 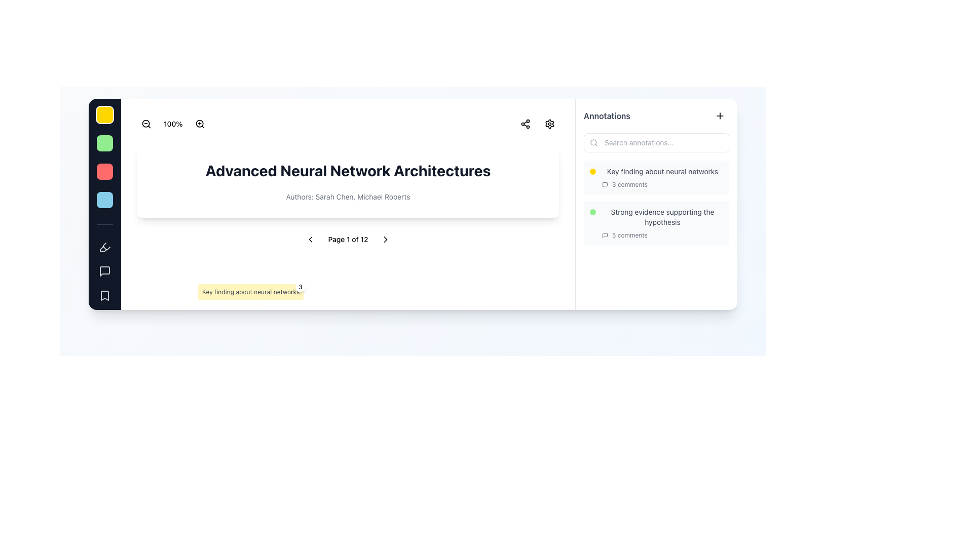 I want to click on the small graphical icon resembling a speech bubble next to the 'Key finding about neural networks' entry, so click(x=605, y=185).